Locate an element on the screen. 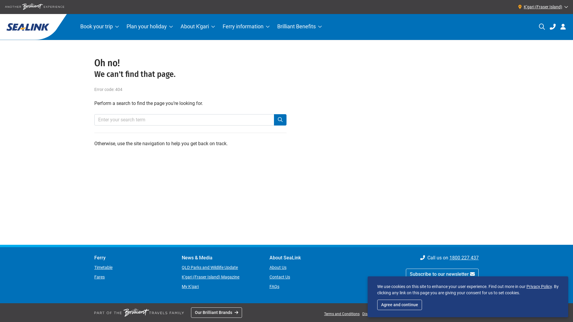 Image resolution: width=573 pixels, height=322 pixels. '1800 227 437' is located at coordinates (464, 257).